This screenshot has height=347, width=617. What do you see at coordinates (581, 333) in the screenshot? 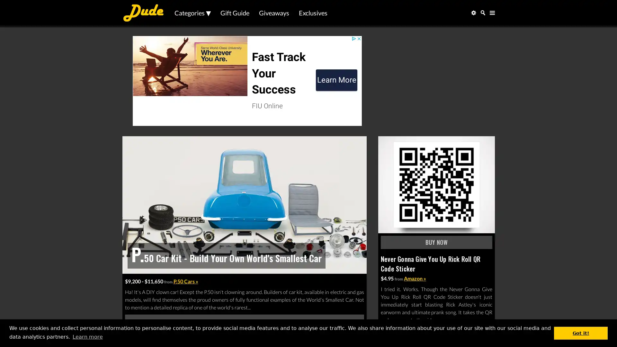
I see `dismiss cookie message` at bounding box center [581, 333].